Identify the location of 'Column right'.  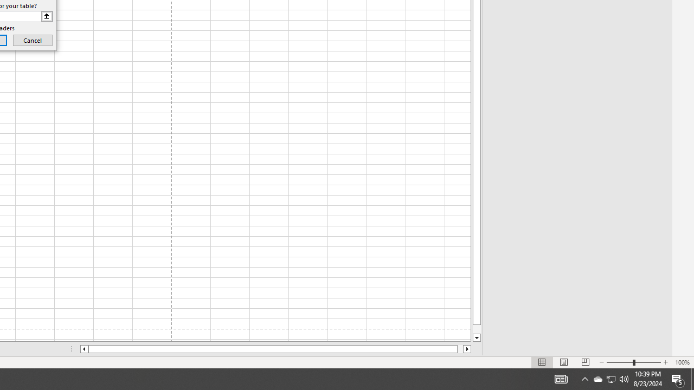
(467, 349).